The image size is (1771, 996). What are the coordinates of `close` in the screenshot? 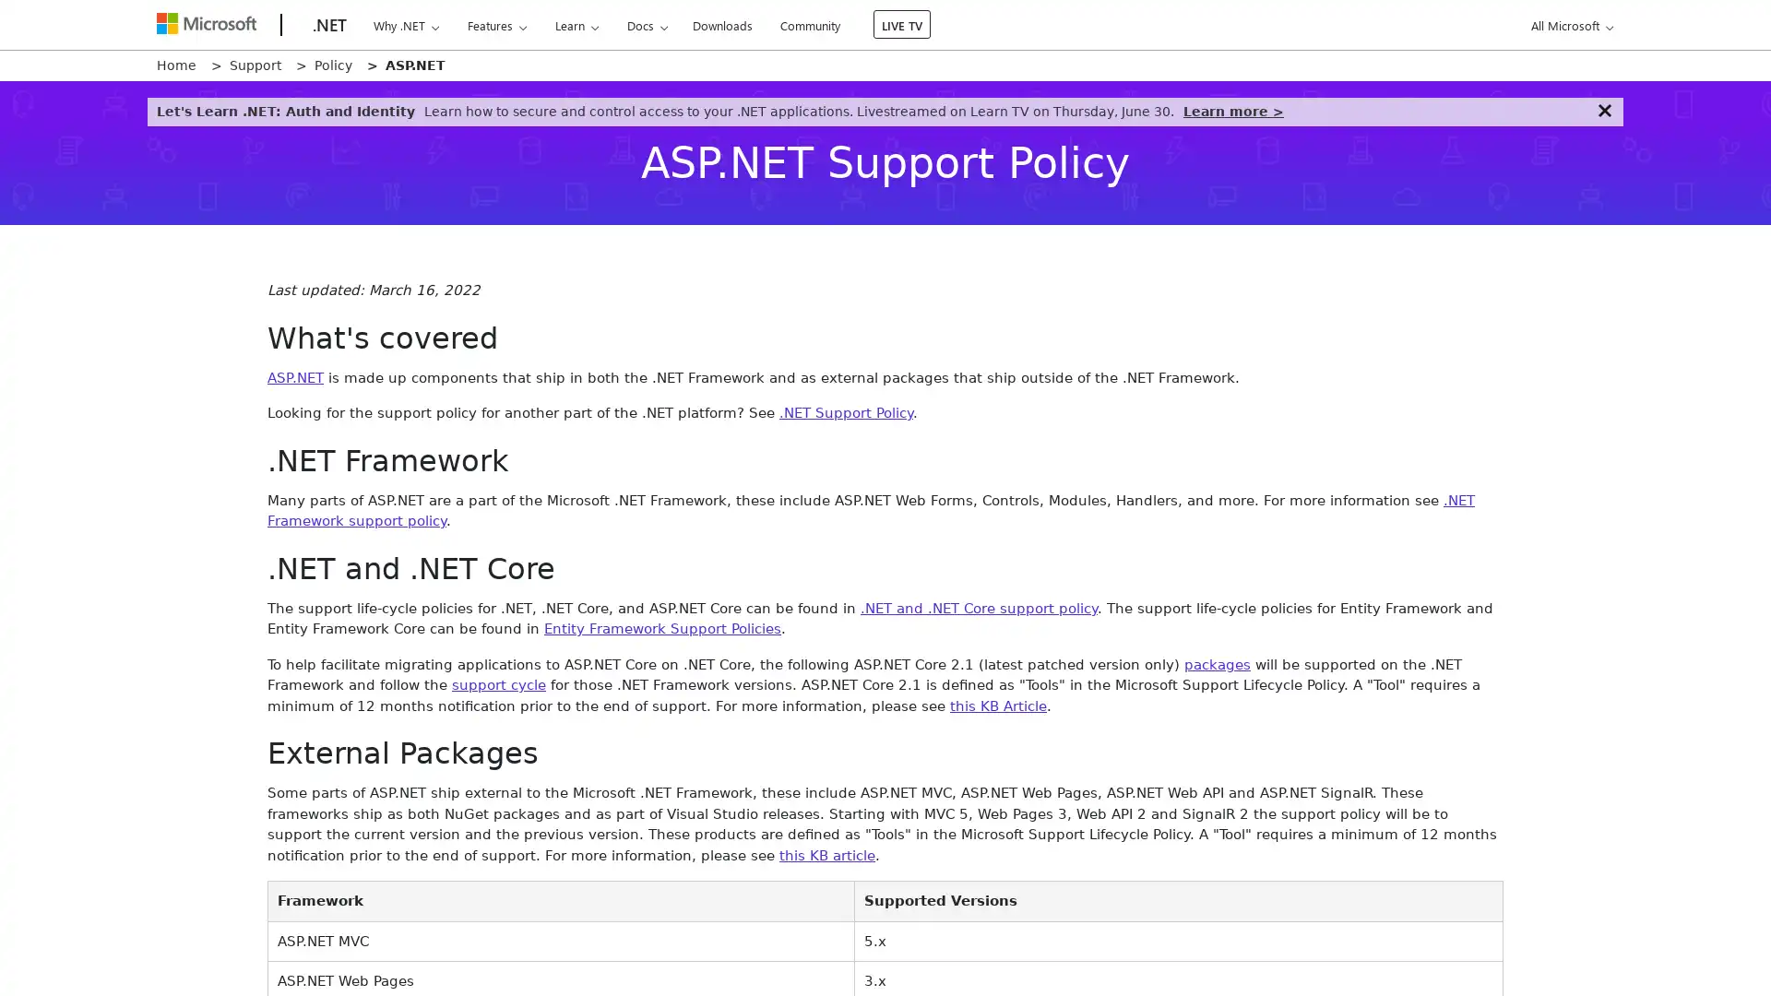 It's located at (1603, 110).